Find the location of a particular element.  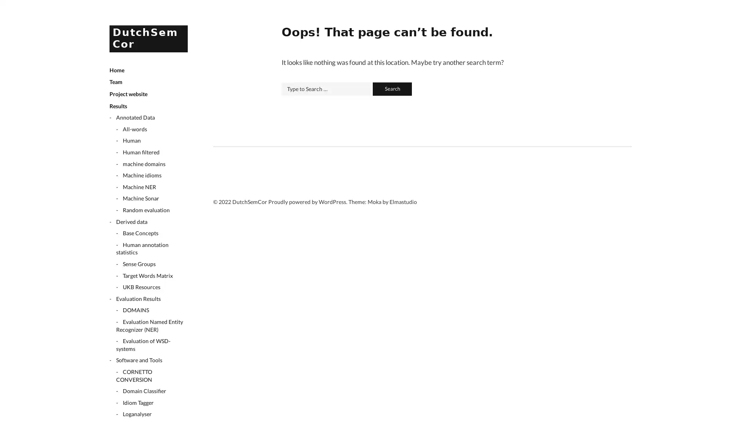

Search is located at coordinates (392, 88).